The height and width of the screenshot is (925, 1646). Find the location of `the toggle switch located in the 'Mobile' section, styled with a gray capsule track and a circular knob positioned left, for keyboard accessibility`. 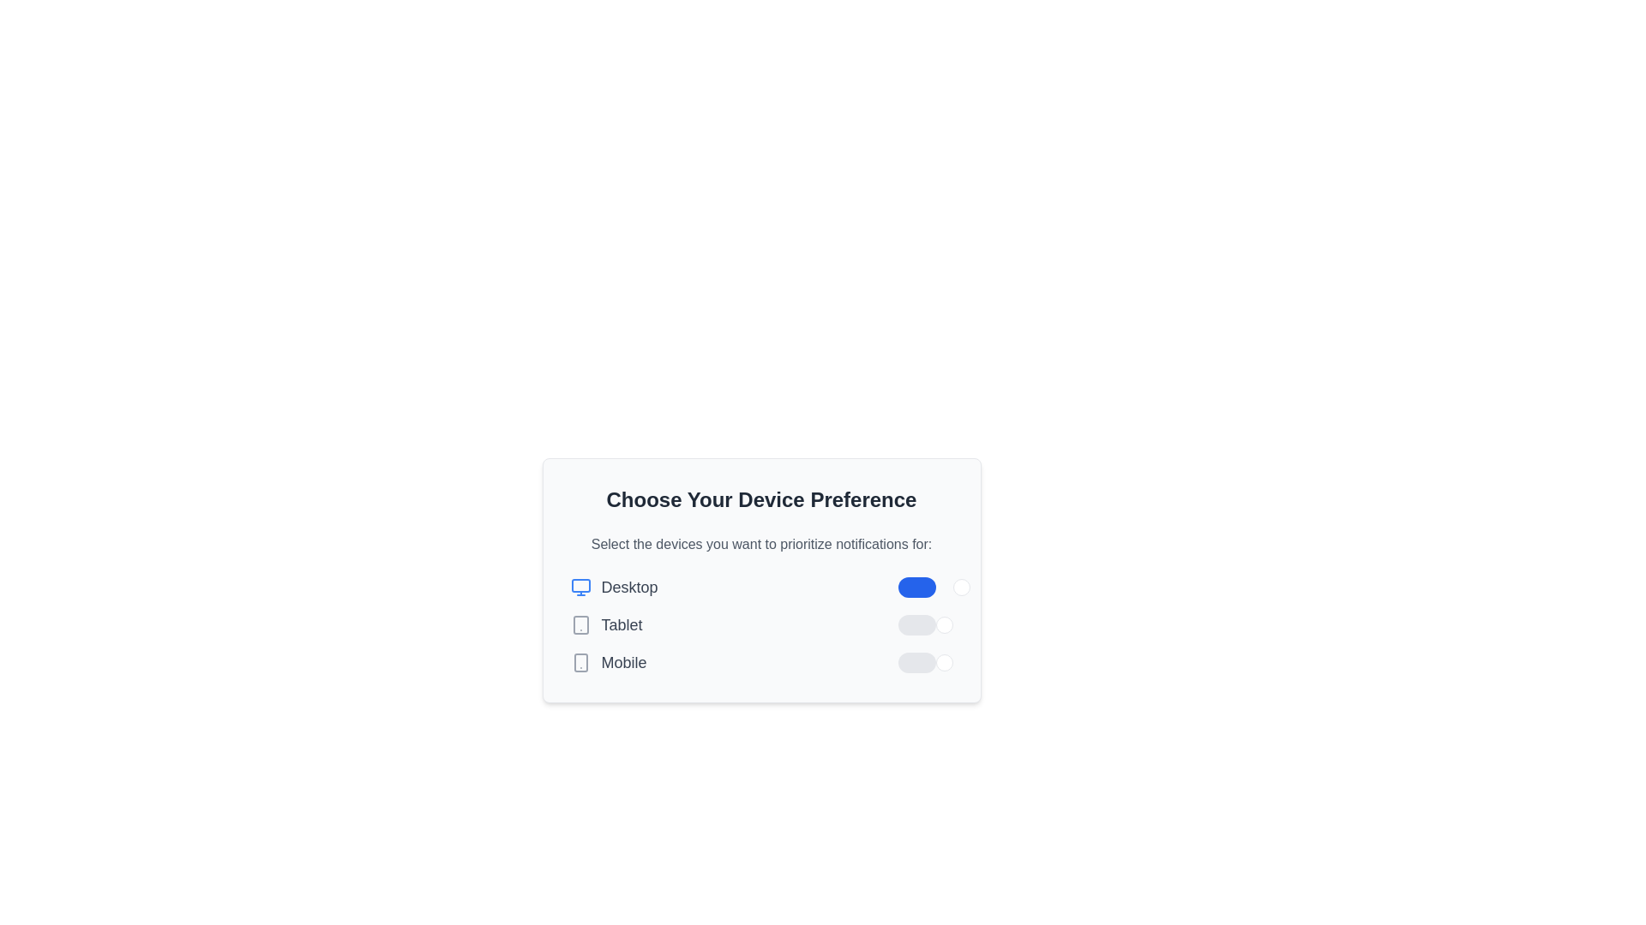

the toggle switch located in the 'Mobile' section, styled with a gray capsule track and a circular knob positioned left, for keyboard accessibility is located at coordinates (924, 662).